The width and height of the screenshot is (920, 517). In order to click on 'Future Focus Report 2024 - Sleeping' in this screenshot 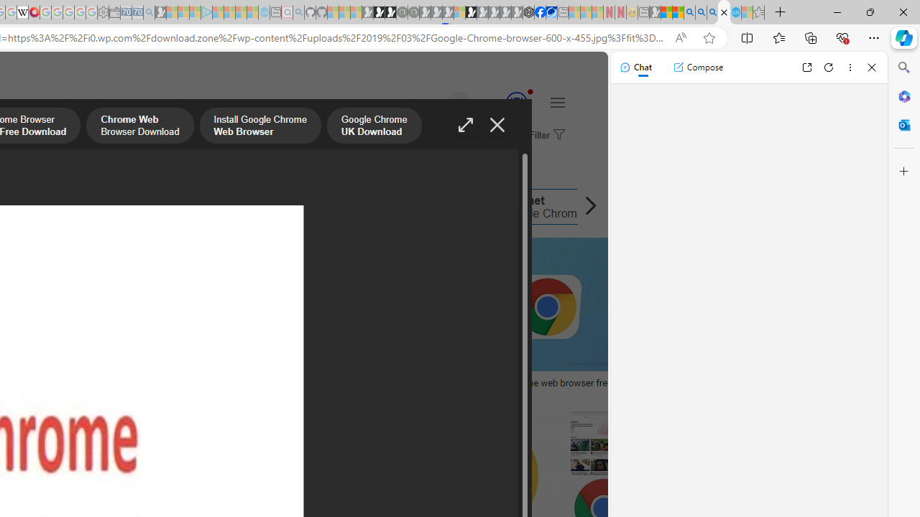, I will do `click(413, 12)`.